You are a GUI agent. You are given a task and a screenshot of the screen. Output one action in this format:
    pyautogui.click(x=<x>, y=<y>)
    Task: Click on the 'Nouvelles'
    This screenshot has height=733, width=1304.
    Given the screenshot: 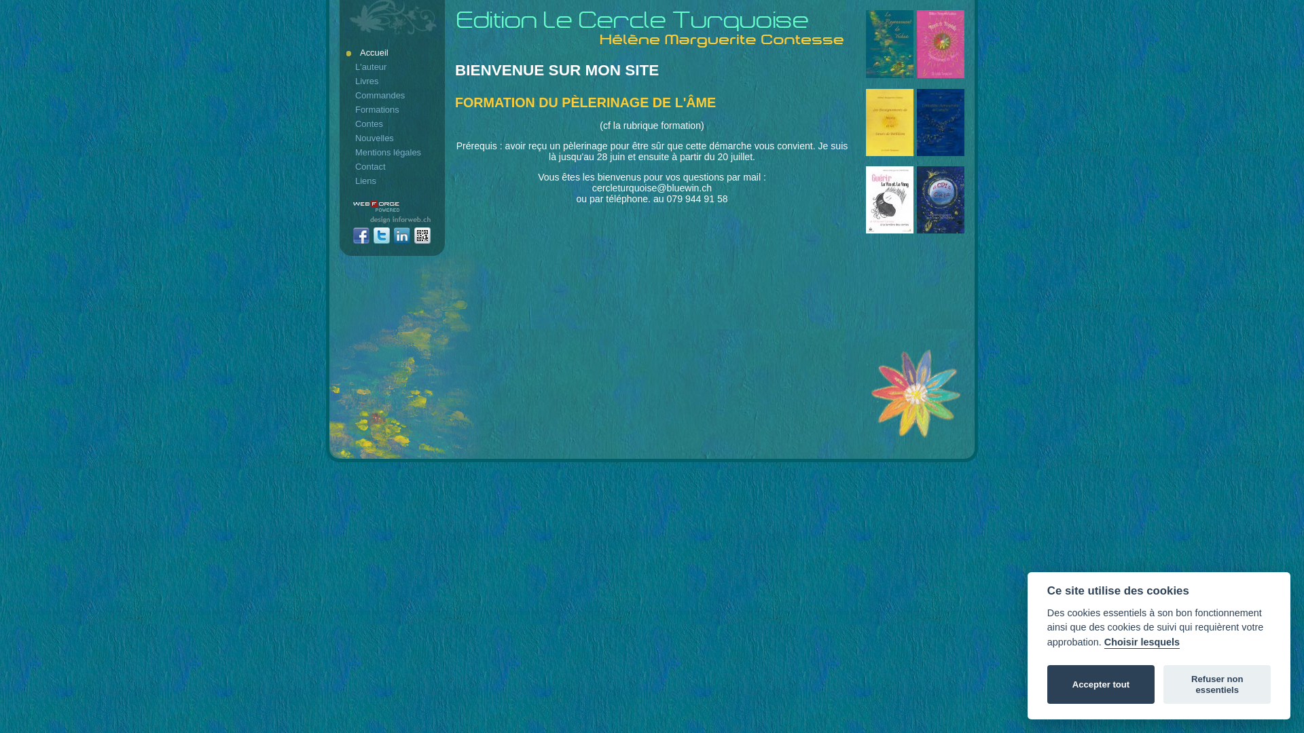 What is the action you would take?
    pyautogui.click(x=393, y=138)
    